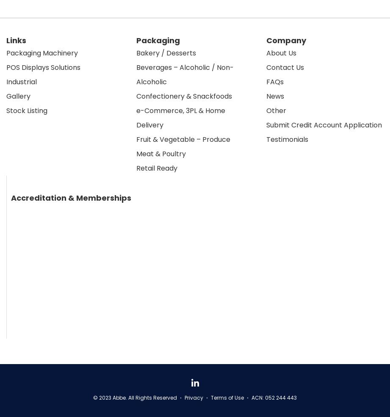  What do you see at coordinates (16, 40) in the screenshot?
I see `'Links'` at bounding box center [16, 40].